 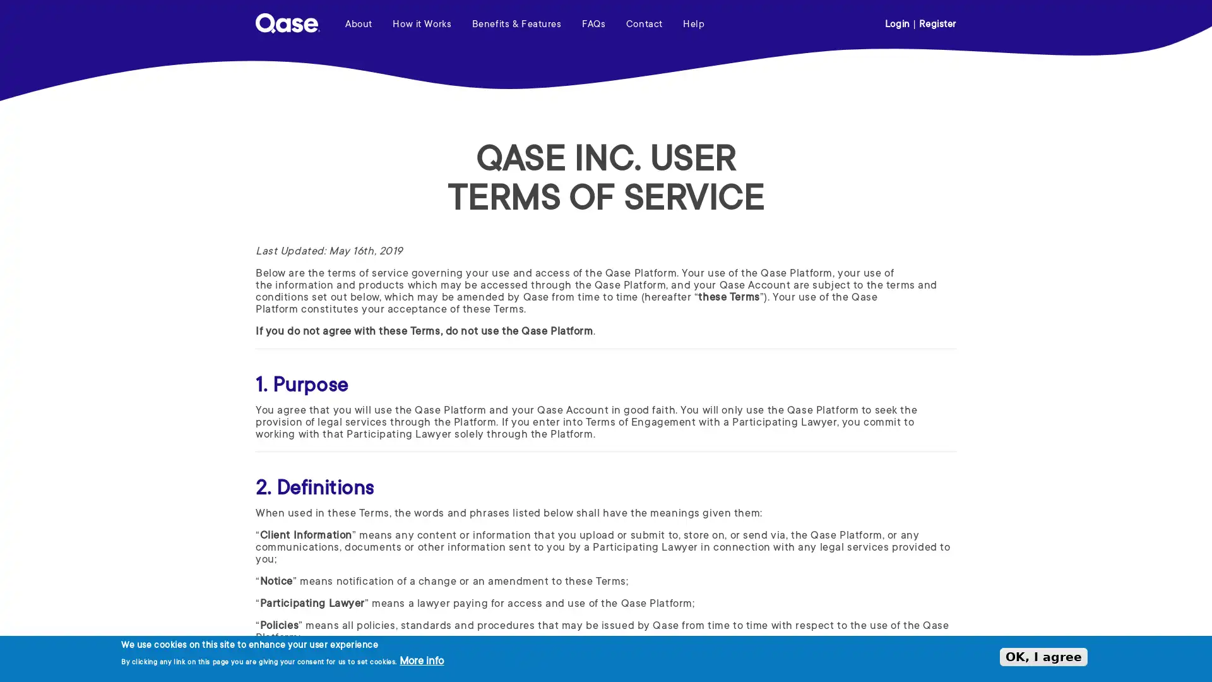 I want to click on More info, so click(x=421, y=661).